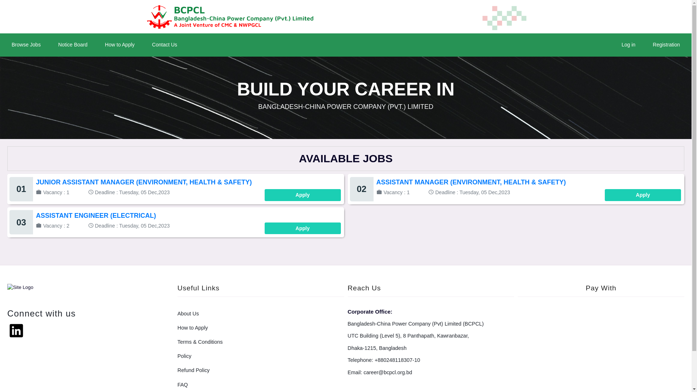 The width and height of the screenshot is (697, 392). I want to click on 'About Us', so click(178, 313).